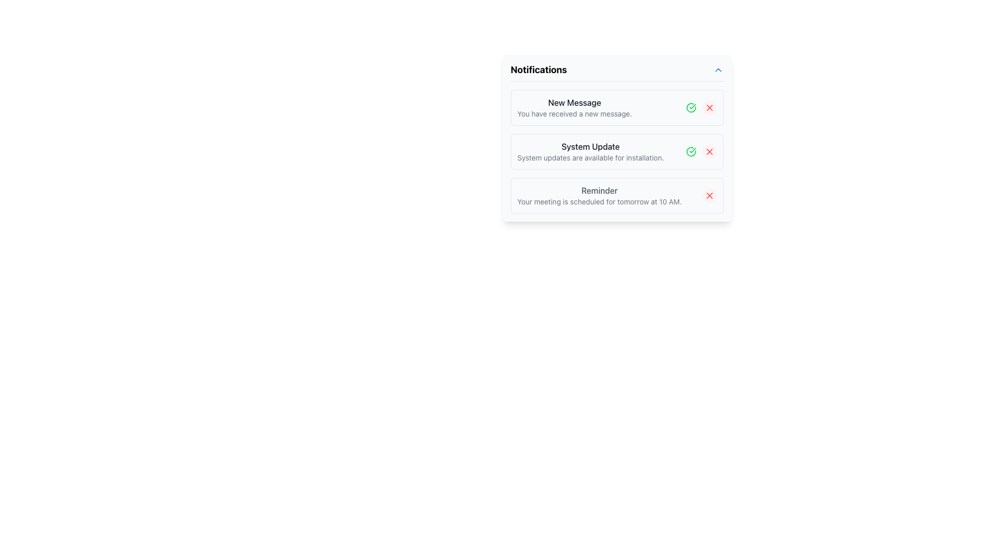  What do you see at coordinates (691, 108) in the screenshot?
I see `the green circular icon with a checkmark located in the second row of the notification list next to 'System Update' to trigger a tooltip` at bounding box center [691, 108].